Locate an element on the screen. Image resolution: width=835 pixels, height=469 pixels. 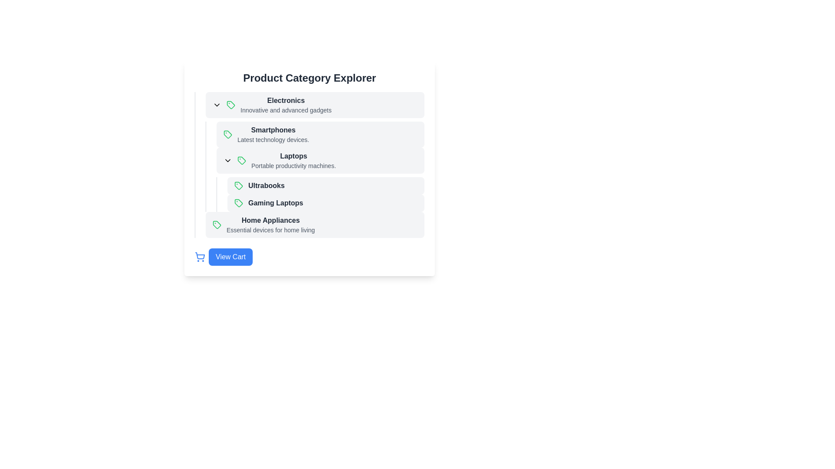
the 'Home Appliances' list item in the Product Category Explorer for additional information is located at coordinates (309, 224).